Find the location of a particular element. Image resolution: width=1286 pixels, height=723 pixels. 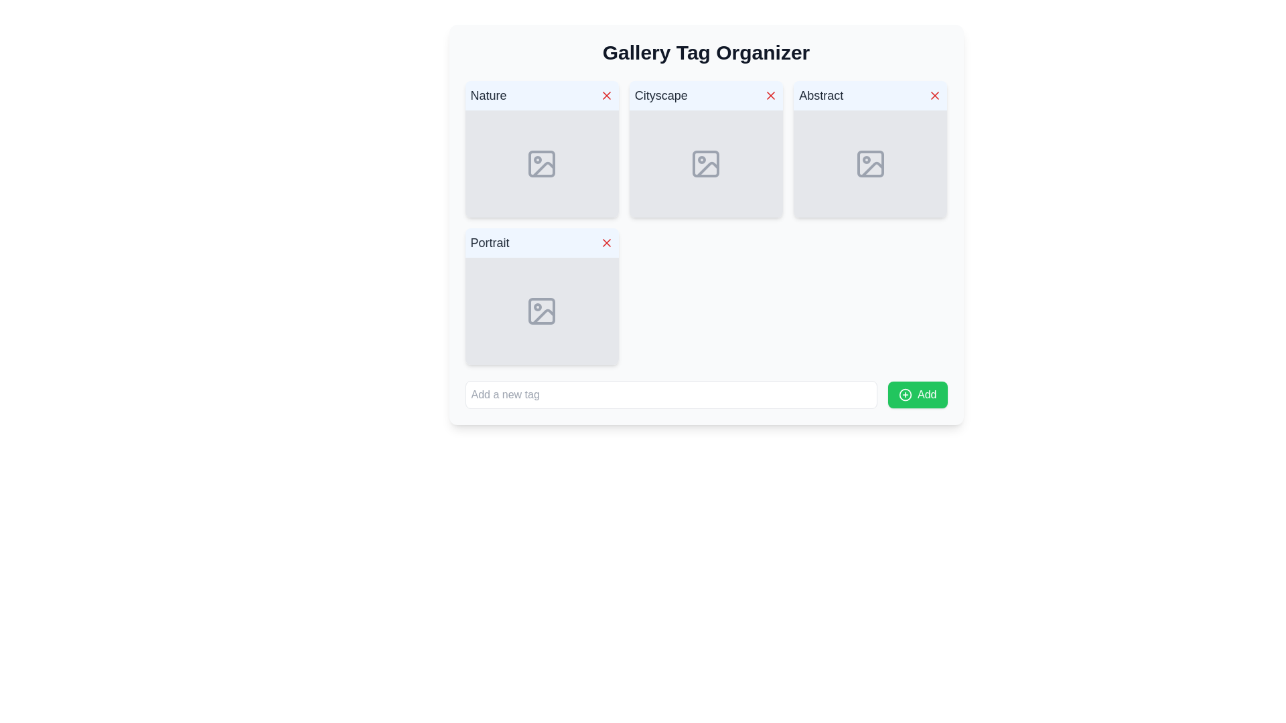

the red diagonal cross icon located in the top-right corner of the 'Portrait' tag card is located at coordinates (605, 242).